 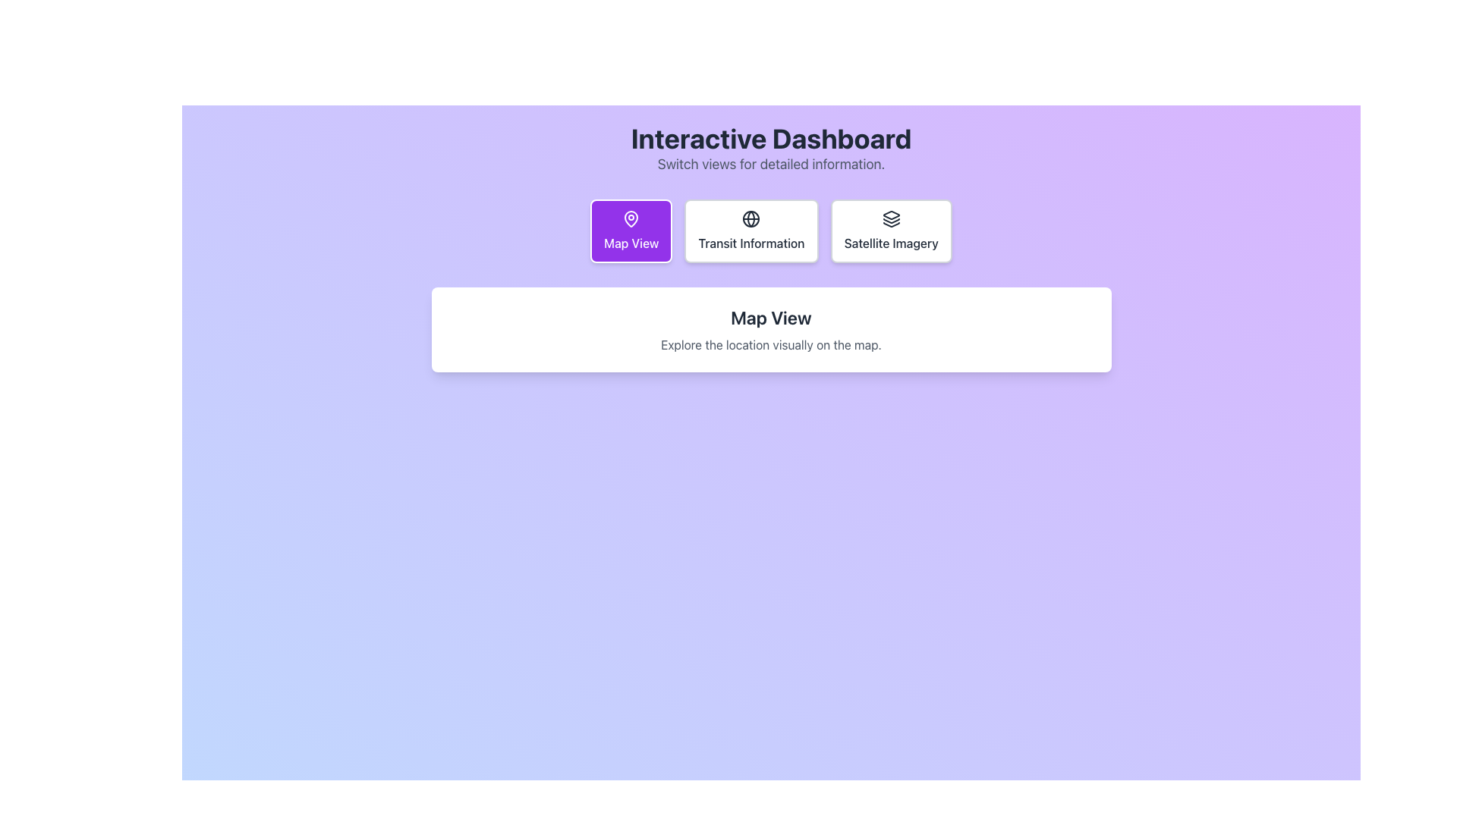 I want to click on the rectangular button with rounded corners, purple background, and white text labeled 'Map View', so click(x=631, y=231).